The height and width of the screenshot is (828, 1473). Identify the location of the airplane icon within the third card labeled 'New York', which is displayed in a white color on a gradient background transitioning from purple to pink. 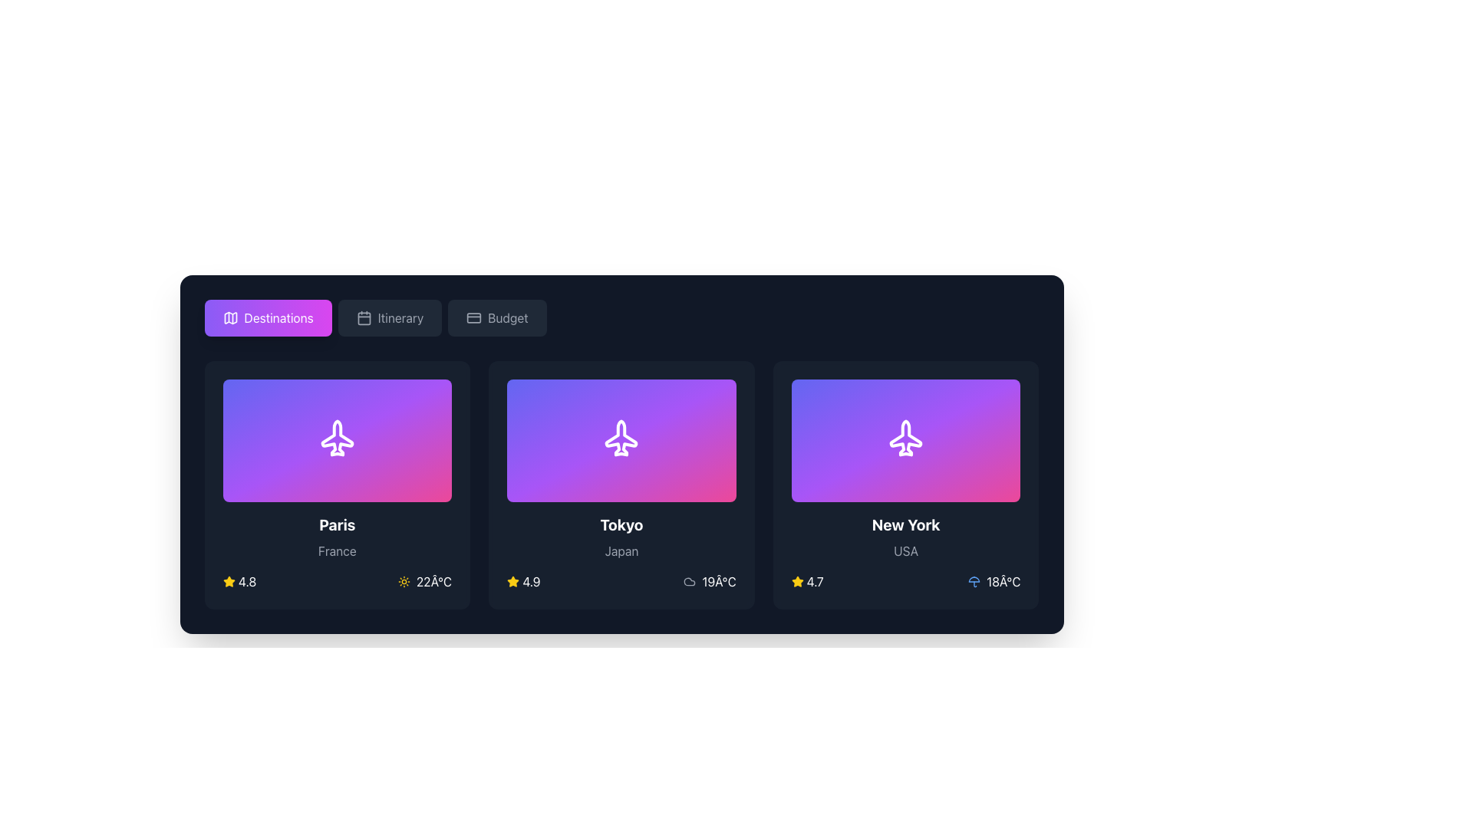
(906, 440).